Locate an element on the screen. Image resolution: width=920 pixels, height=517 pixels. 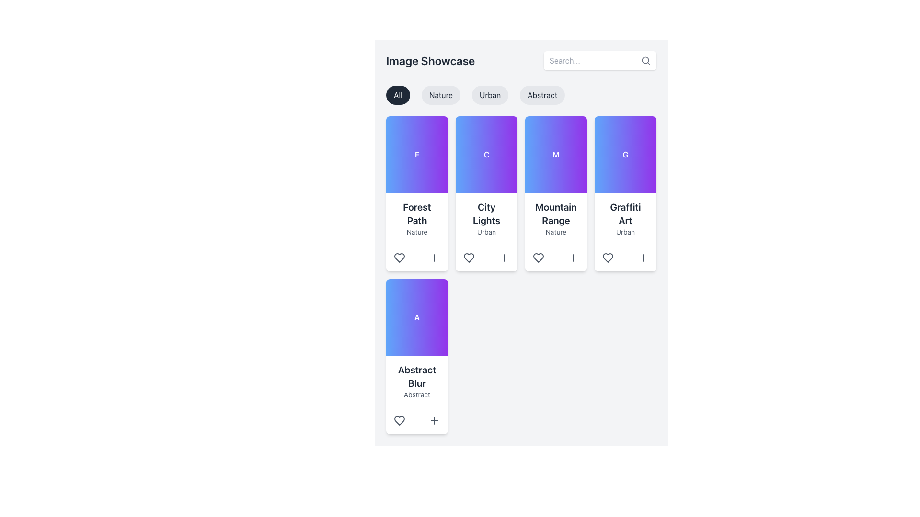
the decorative element containing a bold letter 'A' with a gradient background transitioning from blue to purple, located in the fifth column of a card layout, above the text 'Abstract Blur' and 'Abstract' is located at coordinates (417, 317).